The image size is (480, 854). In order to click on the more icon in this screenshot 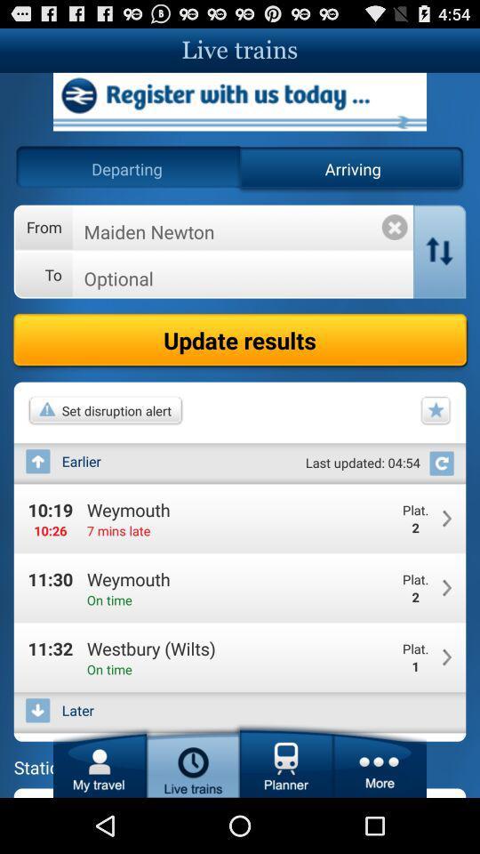, I will do `click(379, 813)`.